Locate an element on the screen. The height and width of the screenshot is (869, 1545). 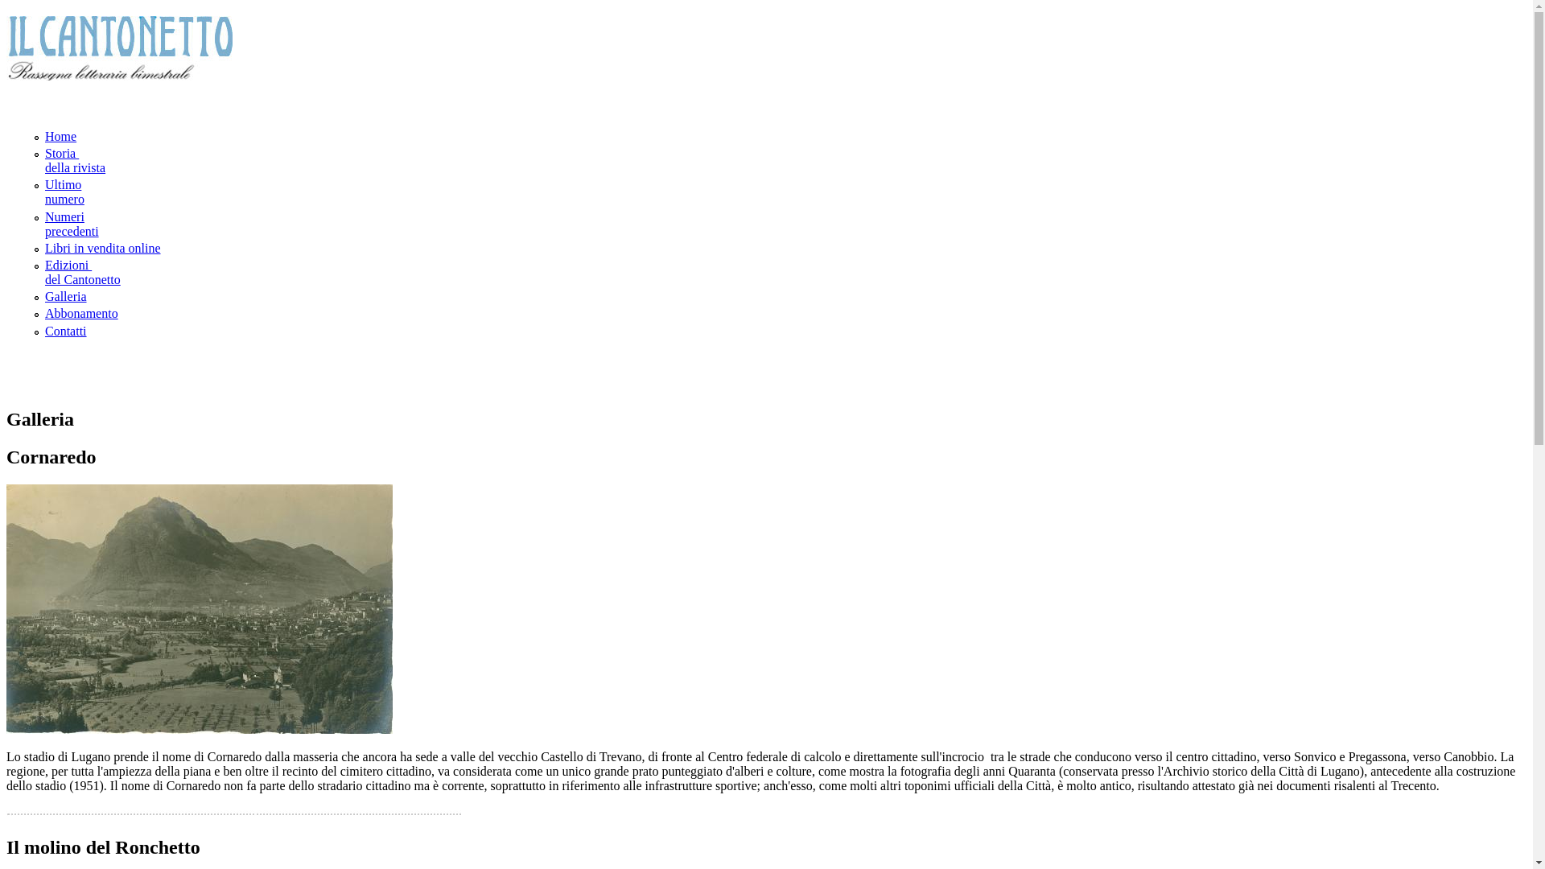
'Galleria' is located at coordinates (45, 296).